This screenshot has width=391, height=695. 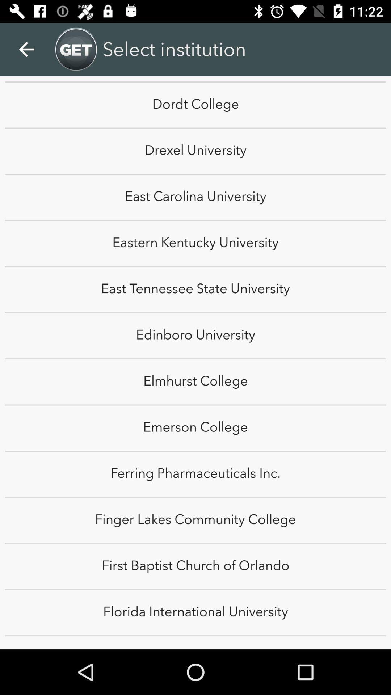 I want to click on the item above the dordt college item, so click(x=372, y=41).